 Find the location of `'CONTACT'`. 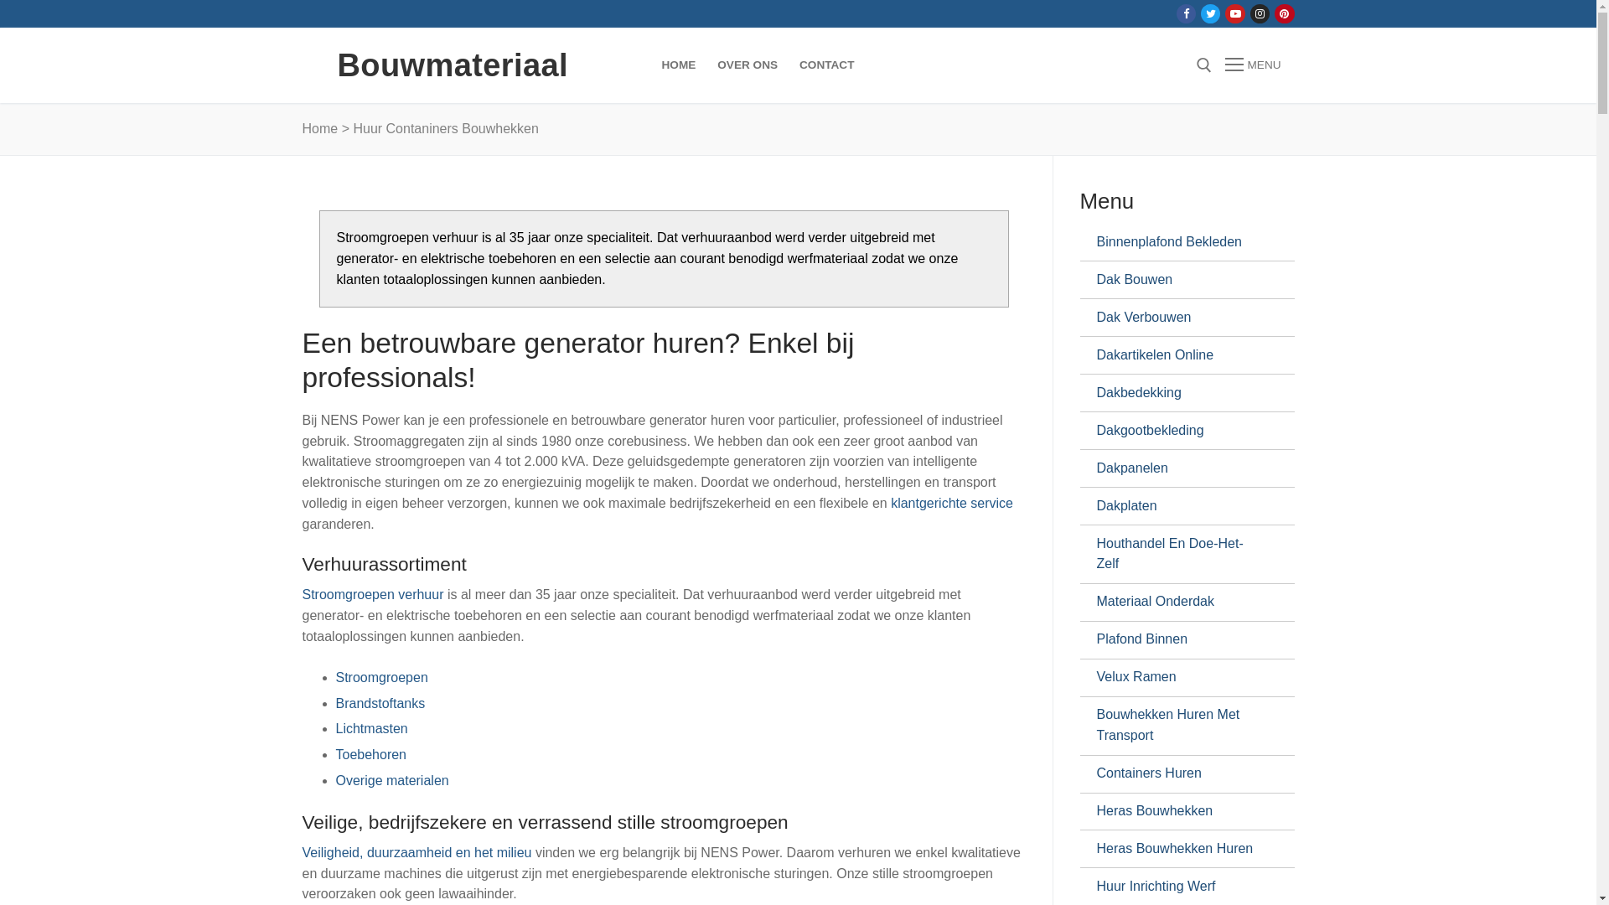

'CONTACT' is located at coordinates (787, 64).